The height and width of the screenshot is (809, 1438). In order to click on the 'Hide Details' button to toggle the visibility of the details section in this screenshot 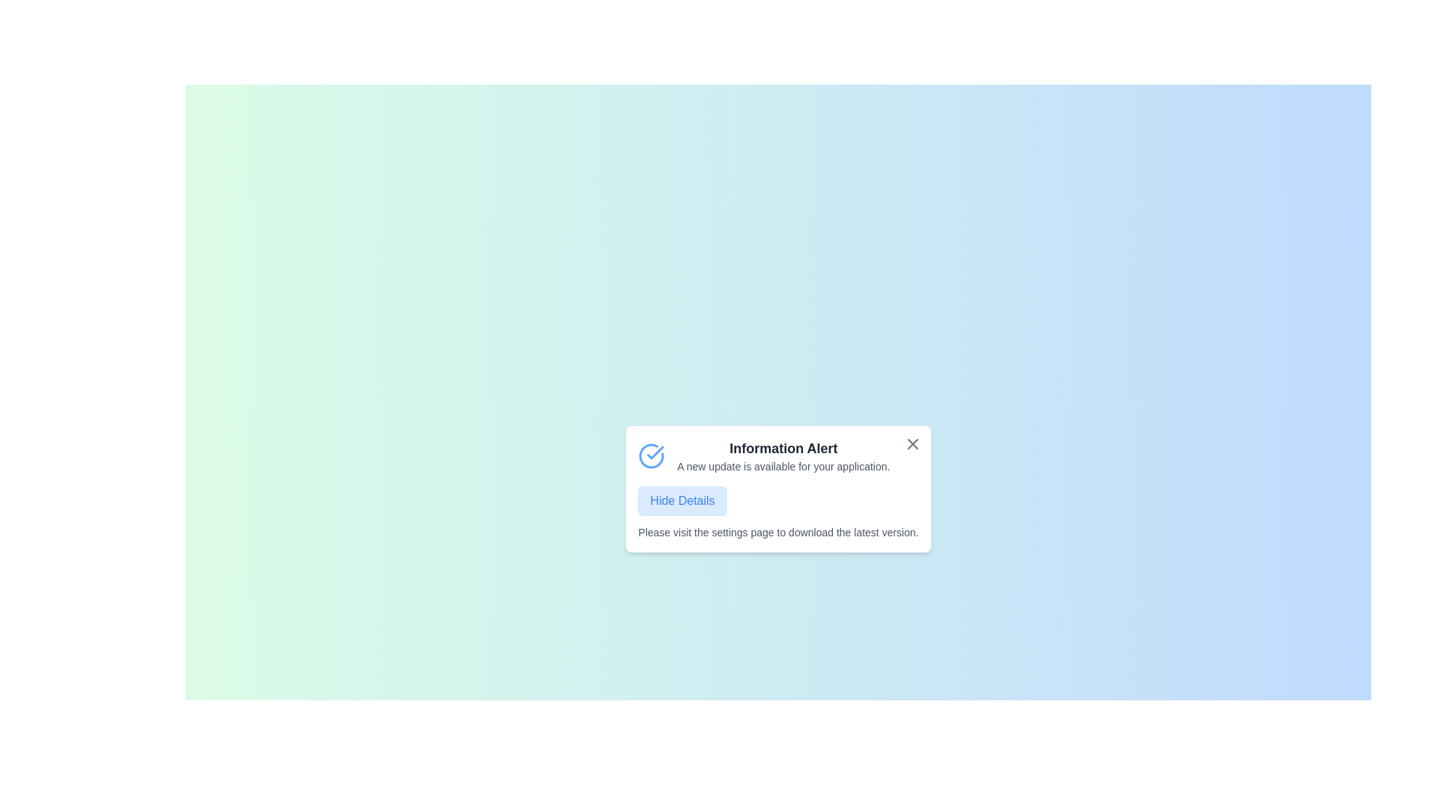, I will do `click(682, 500)`.